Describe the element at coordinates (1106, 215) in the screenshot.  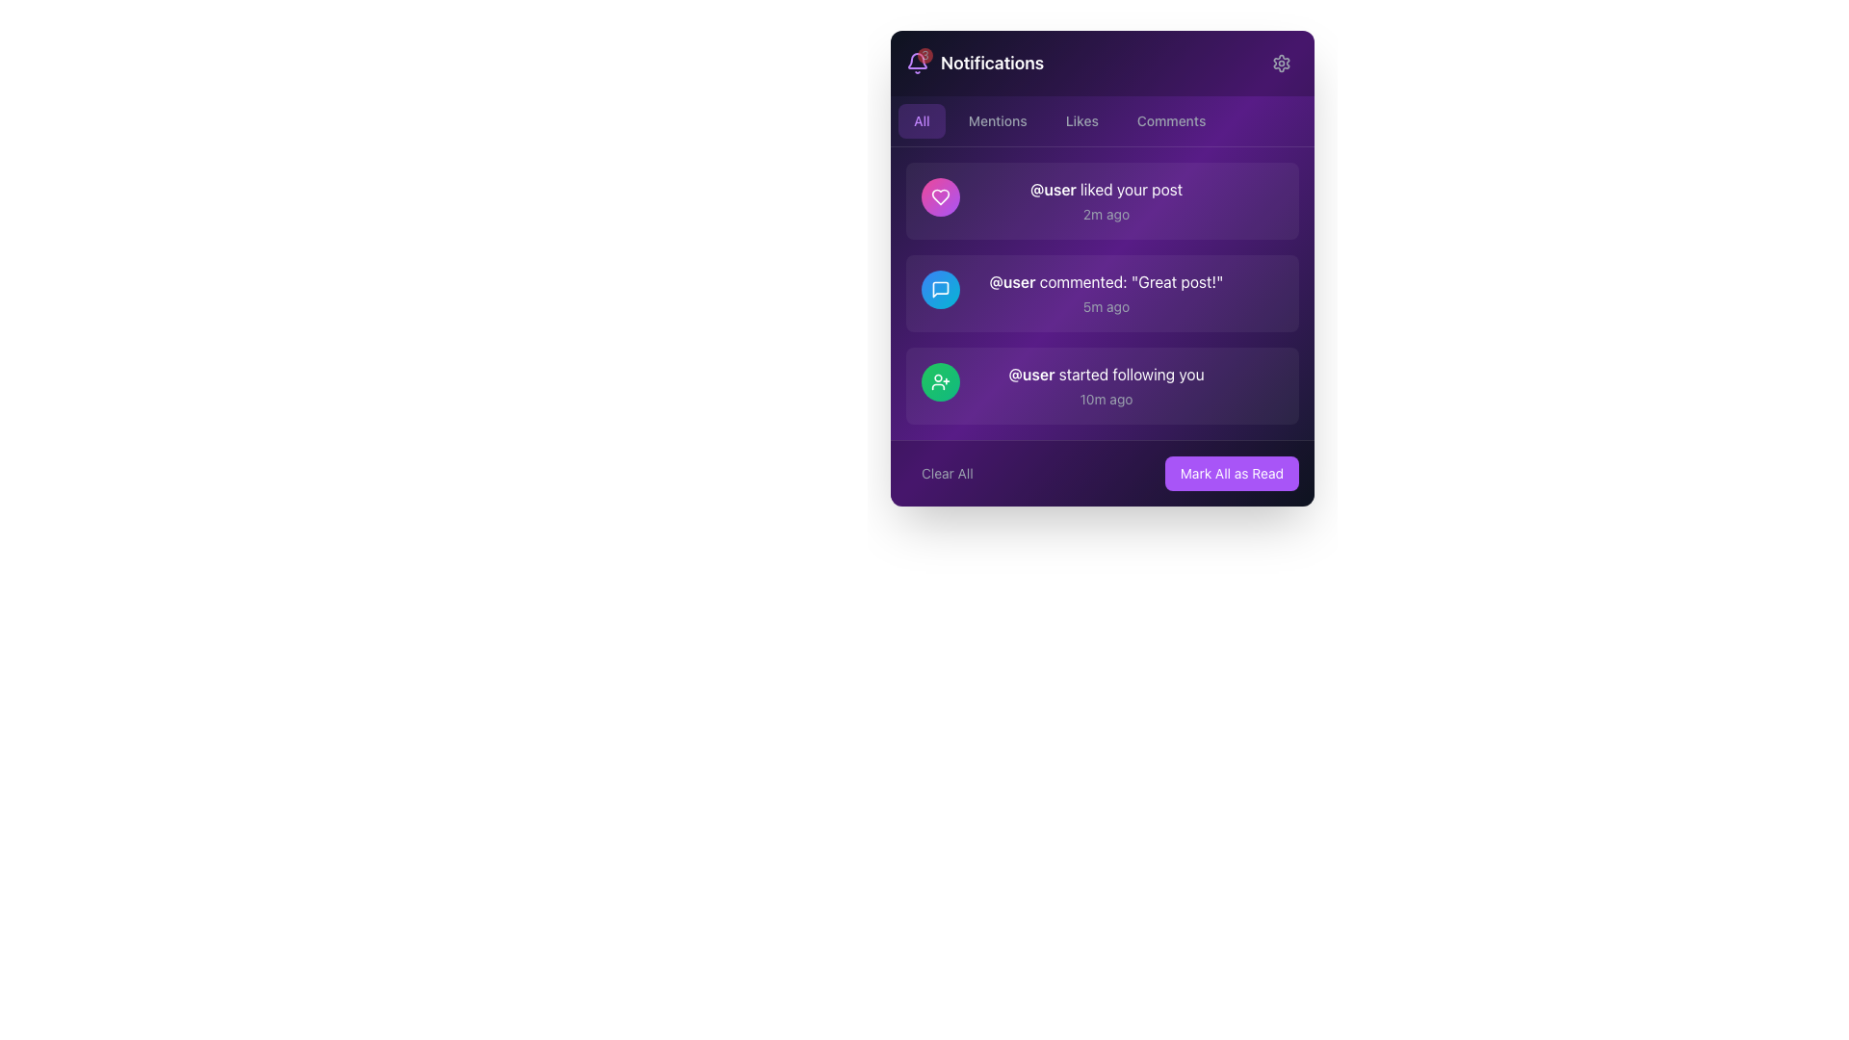
I see `the light gray text element displaying '2m ago' that is located below the main notification text '@user liked your post' in the first notification item of the list` at that location.